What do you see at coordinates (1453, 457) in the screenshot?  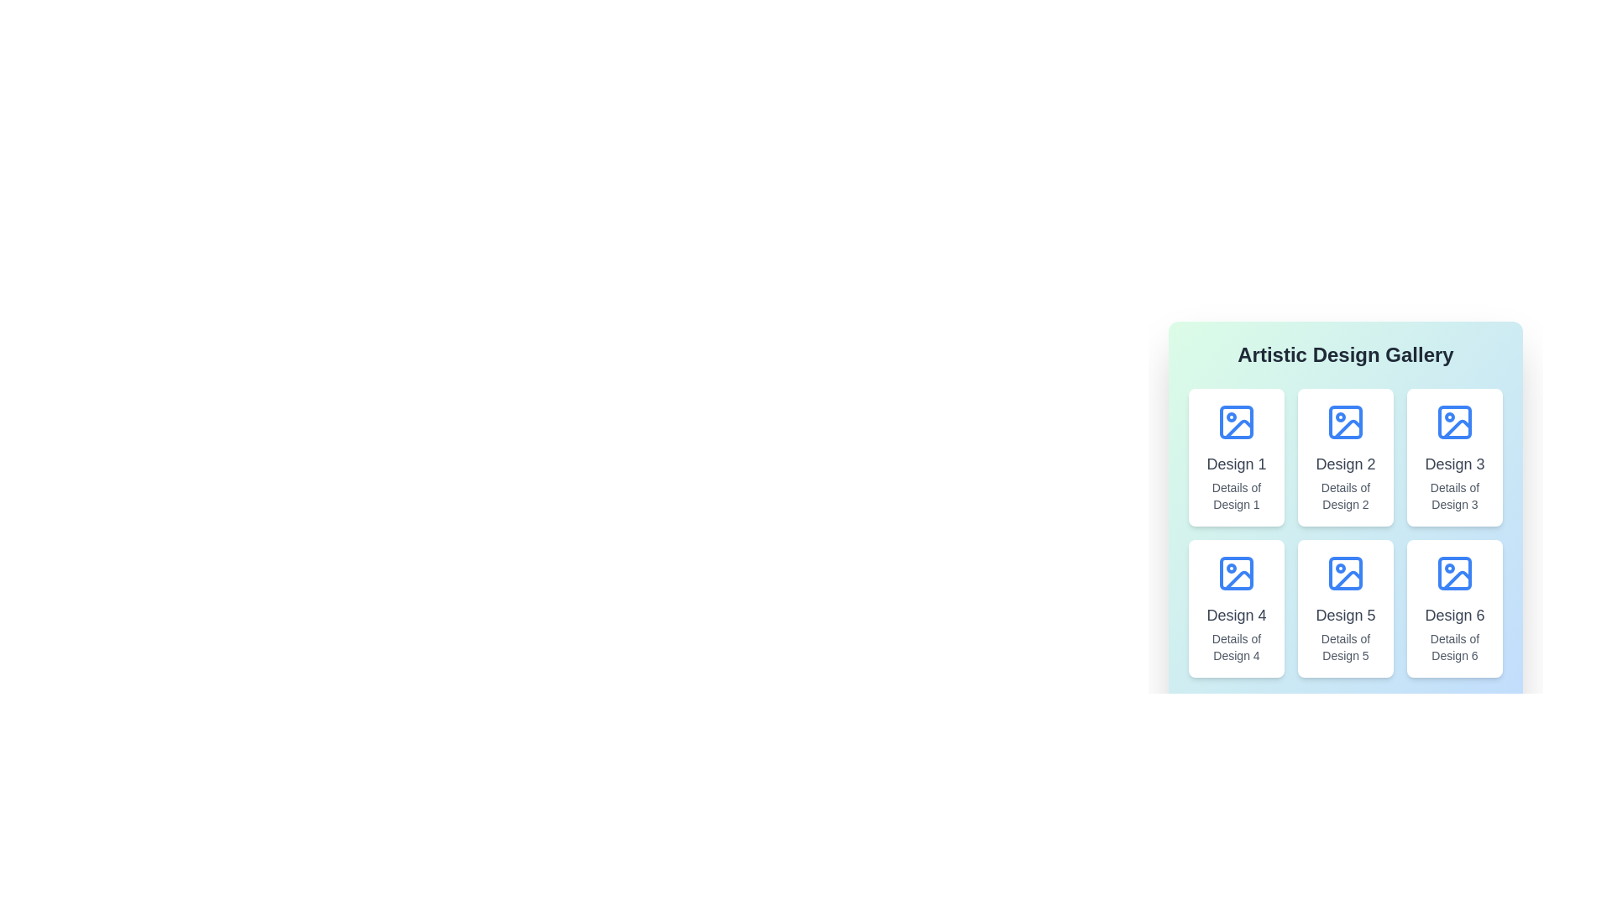 I see `the display card for 'Design 3' located in the rightmost column of the first row` at bounding box center [1453, 457].